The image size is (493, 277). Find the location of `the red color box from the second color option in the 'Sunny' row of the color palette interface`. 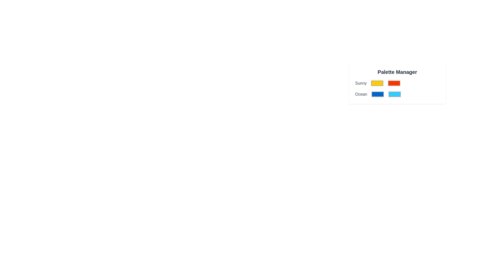

the red color box from the second color option in the 'Sunny' row of the color palette interface is located at coordinates (394, 83).